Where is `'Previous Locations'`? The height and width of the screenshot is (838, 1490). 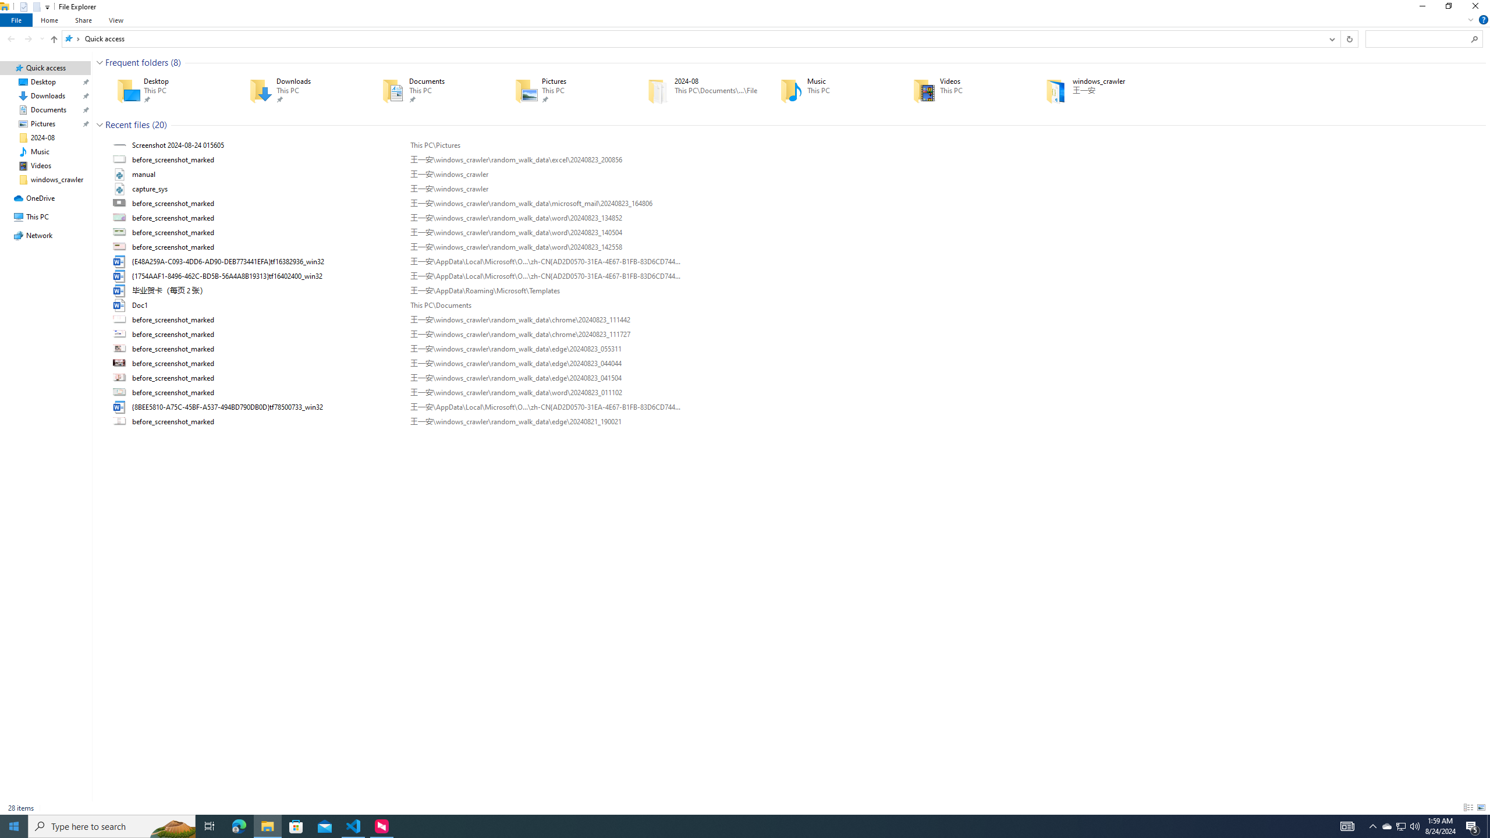 'Previous Locations' is located at coordinates (1331, 38).